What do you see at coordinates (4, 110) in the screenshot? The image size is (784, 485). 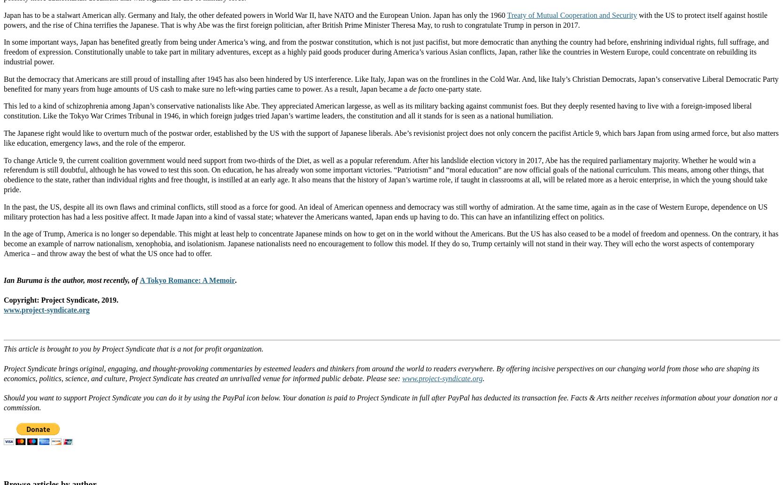 I see `'This led to a kind of schizophrenia among Japan’s conservative nationalists like Abe. They appreciated American largesse, as well as its military backing against communist foes. But they deeply resented having to live with a foreign-imposed liberal constitution. Like the Tokyo War Crimes Tribunal in 1946, in which foreign judges tried Japan’s wartime leaders, the constitution and all it stands for is seen as a national humiliation.'` at bounding box center [4, 110].